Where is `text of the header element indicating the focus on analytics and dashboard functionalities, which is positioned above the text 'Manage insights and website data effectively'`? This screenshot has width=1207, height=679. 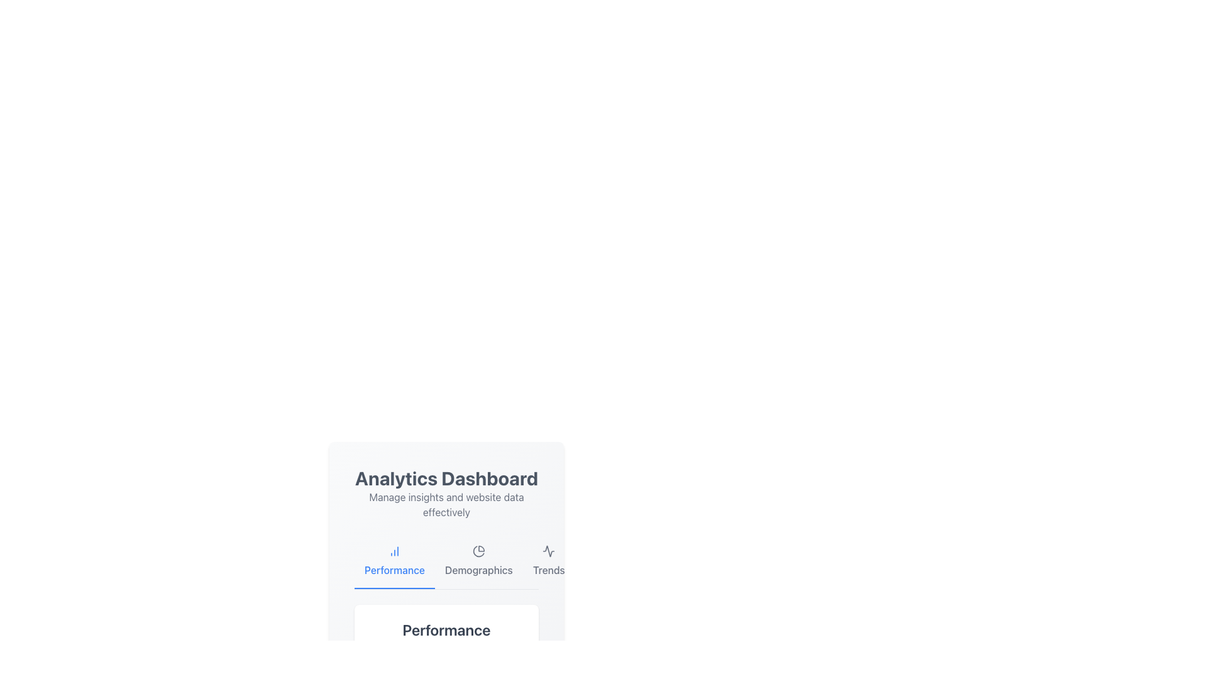 text of the header element indicating the focus on analytics and dashboard functionalities, which is positioned above the text 'Manage insights and website data effectively' is located at coordinates (446, 478).